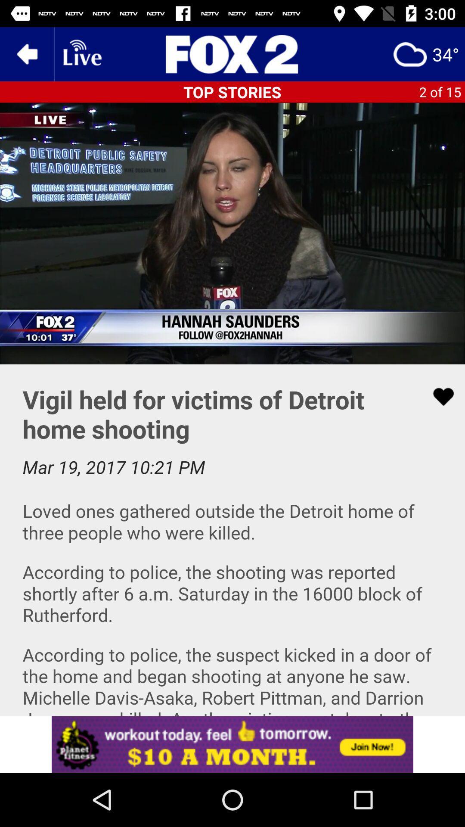 The height and width of the screenshot is (827, 465). What do you see at coordinates (232, 53) in the screenshot?
I see `headline` at bounding box center [232, 53].